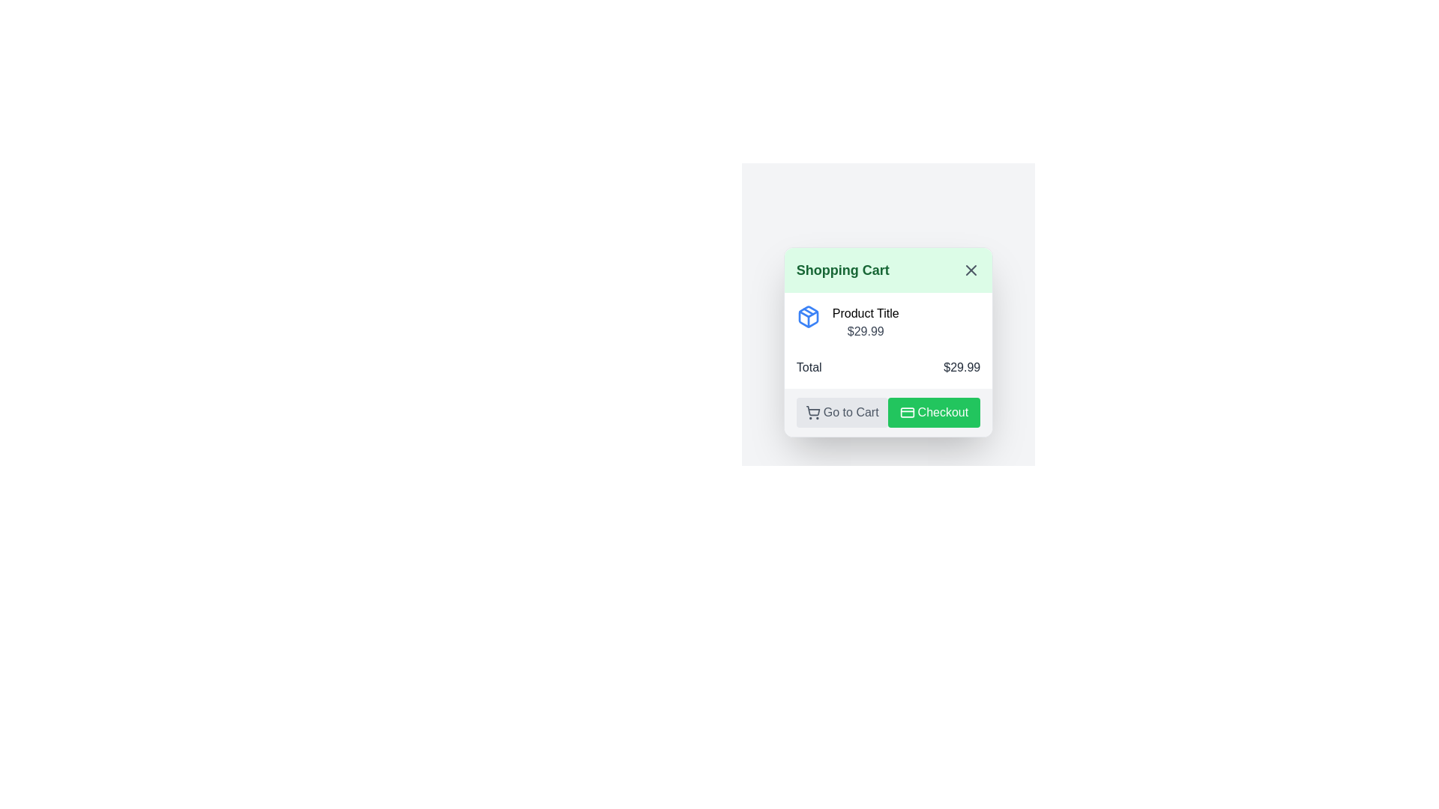  What do you see at coordinates (971, 270) in the screenshot?
I see `the Close Button (SVG) located in the top-right corner of the green header labeled 'Shopping Cart'` at bounding box center [971, 270].